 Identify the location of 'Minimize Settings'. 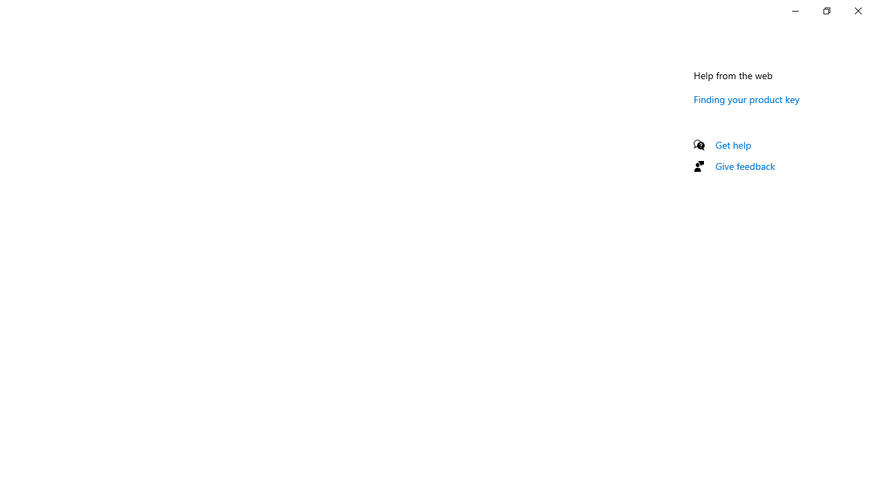
(795, 10).